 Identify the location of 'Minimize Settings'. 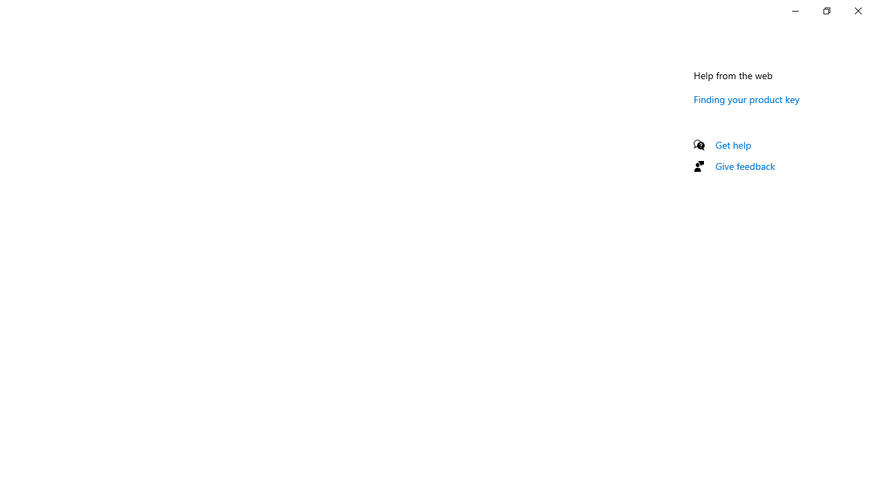
(795, 10).